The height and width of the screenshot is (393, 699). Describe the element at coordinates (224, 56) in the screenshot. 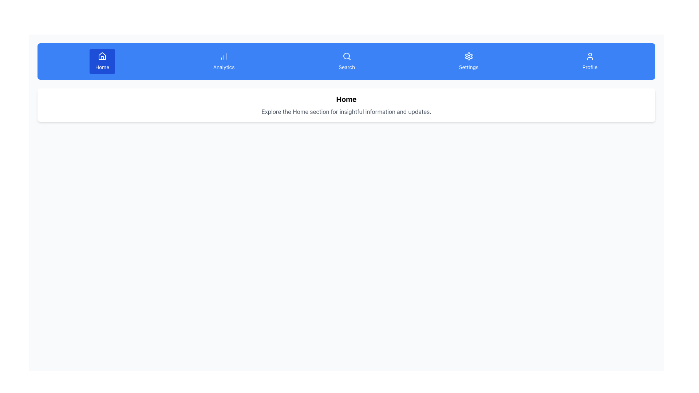

I see `the bar chart icon within the 'Analytics' button located in the top menu bar of the application` at that location.